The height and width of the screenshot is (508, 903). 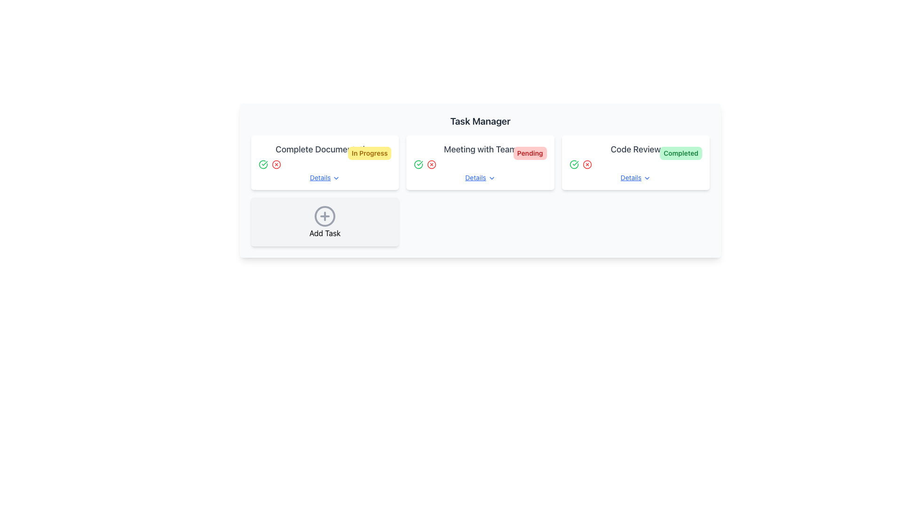 I want to click on the circular red outlined button with an internal red cross, resembling a close sign, located in the top-left section of the 'Meeting with Team' card, so click(x=431, y=164).